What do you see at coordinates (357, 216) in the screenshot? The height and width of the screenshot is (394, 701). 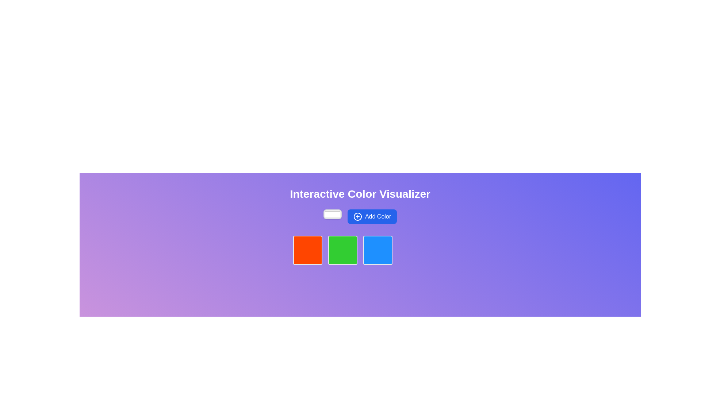 I see `the SVG graphic element, which is a circular outline styled with a thin line, located at the center of the 'Add Color' button` at bounding box center [357, 216].